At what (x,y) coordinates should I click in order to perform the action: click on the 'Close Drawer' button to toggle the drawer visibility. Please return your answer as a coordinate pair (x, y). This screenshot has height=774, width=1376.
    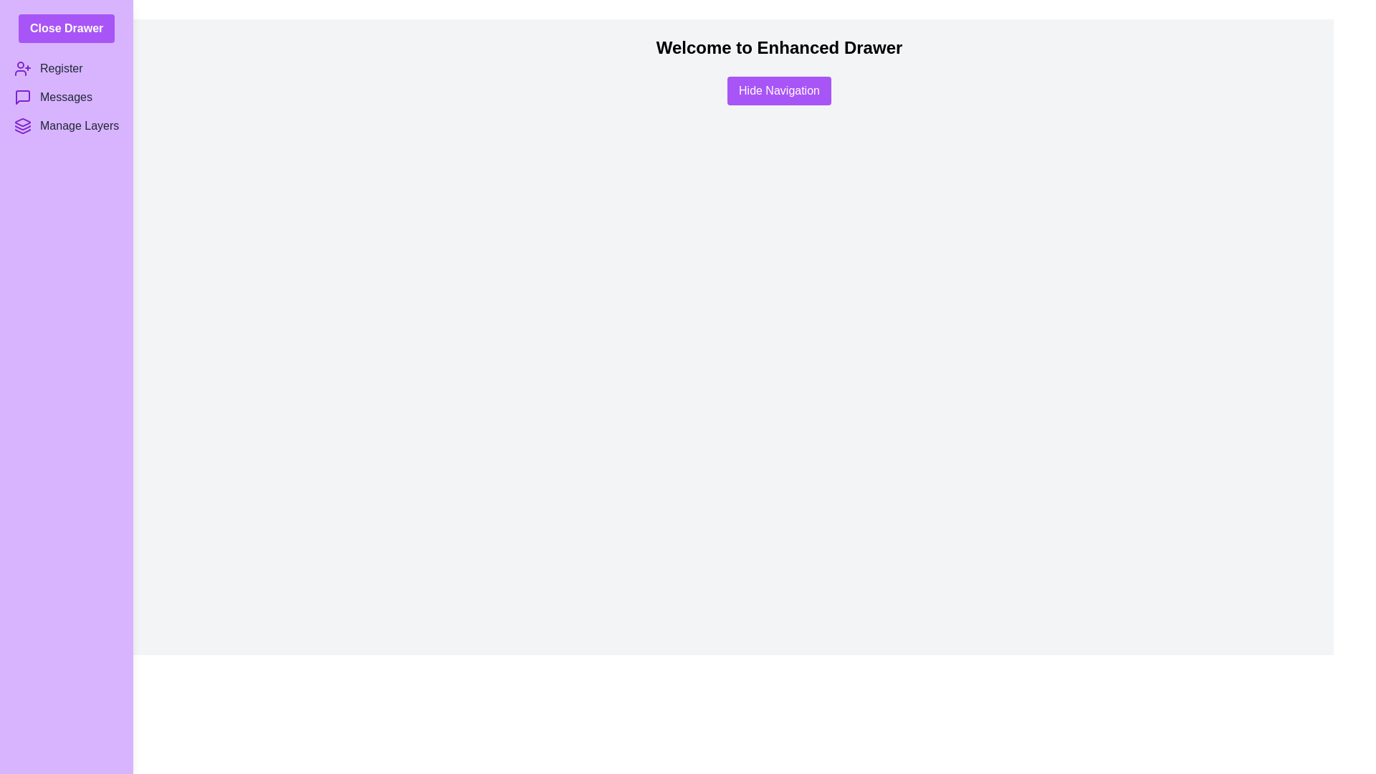
    Looking at the image, I should click on (66, 28).